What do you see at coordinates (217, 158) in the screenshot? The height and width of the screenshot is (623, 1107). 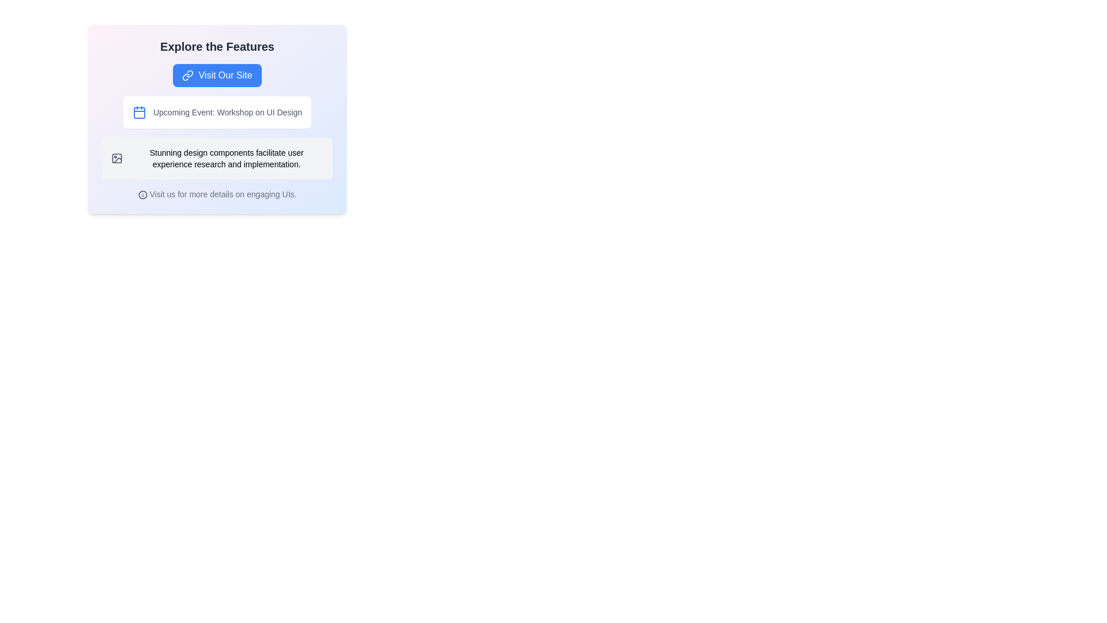 I see `text element that displays the sentence 'Stunning design components facilitate user experience research and implementation.', which is located next to an image placeholder icon and beneath a blue button labeled 'Visit Our Site'` at bounding box center [217, 158].